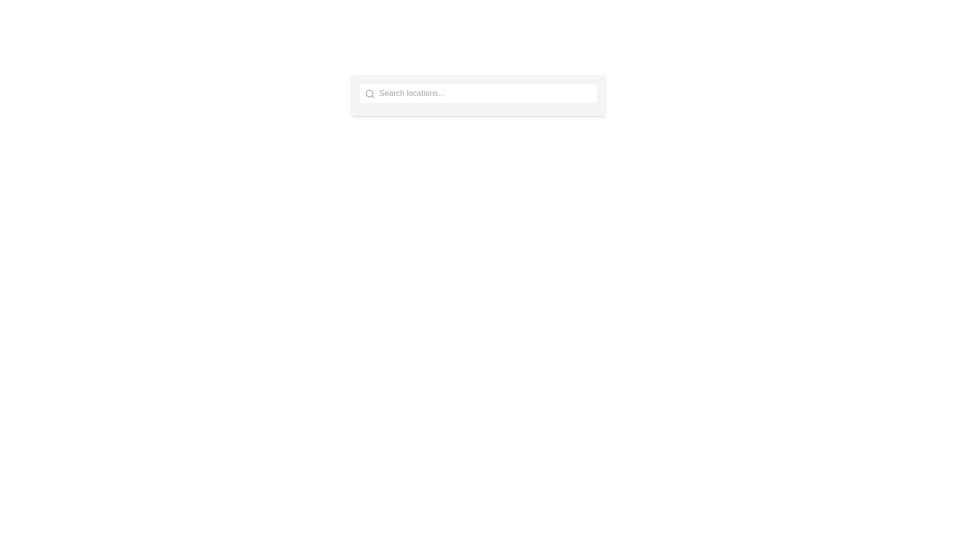 This screenshot has width=955, height=537. I want to click on the input field associated with the search icon located on the left side of the search bar, next to the placeholder text 'Search locations...', so click(369, 94).